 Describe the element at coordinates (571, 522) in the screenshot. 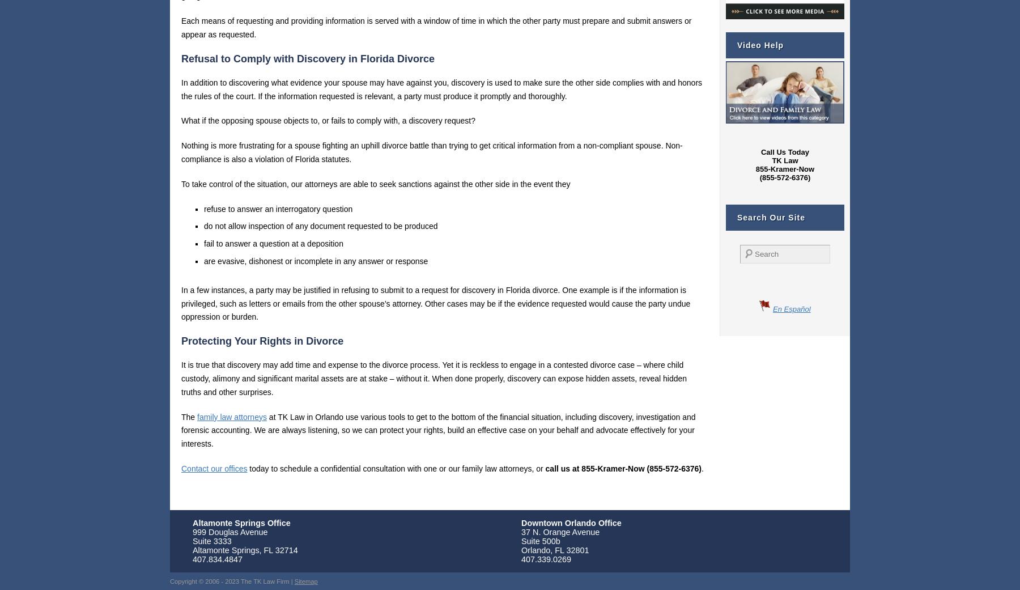

I see `'Downtown Orlando Office'` at that location.